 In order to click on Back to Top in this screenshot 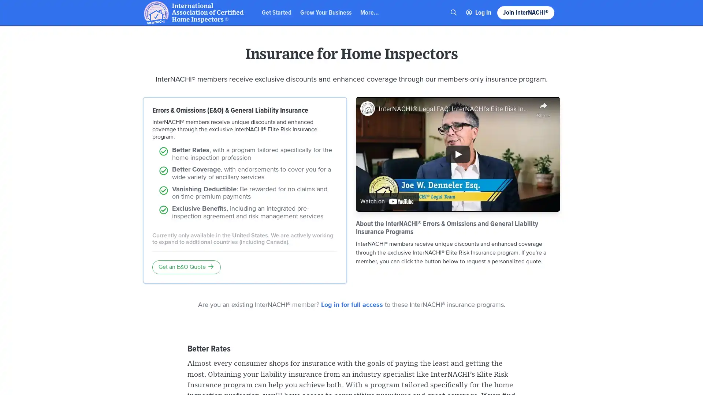, I will do `click(670, 12)`.